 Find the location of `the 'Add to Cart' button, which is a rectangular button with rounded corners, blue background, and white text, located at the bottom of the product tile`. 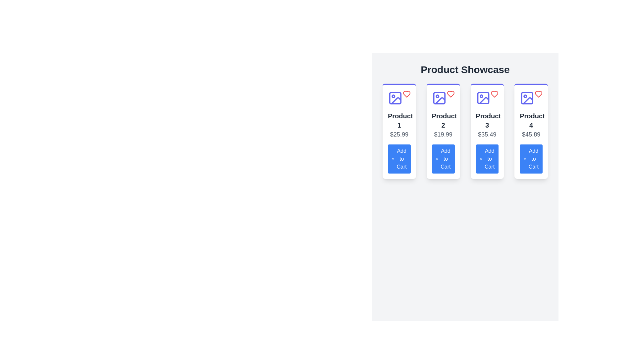

the 'Add to Cart' button, which is a rectangular button with rounded corners, blue background, and white text, located at the bottom of the product tile is located at coordinates (531, 159).